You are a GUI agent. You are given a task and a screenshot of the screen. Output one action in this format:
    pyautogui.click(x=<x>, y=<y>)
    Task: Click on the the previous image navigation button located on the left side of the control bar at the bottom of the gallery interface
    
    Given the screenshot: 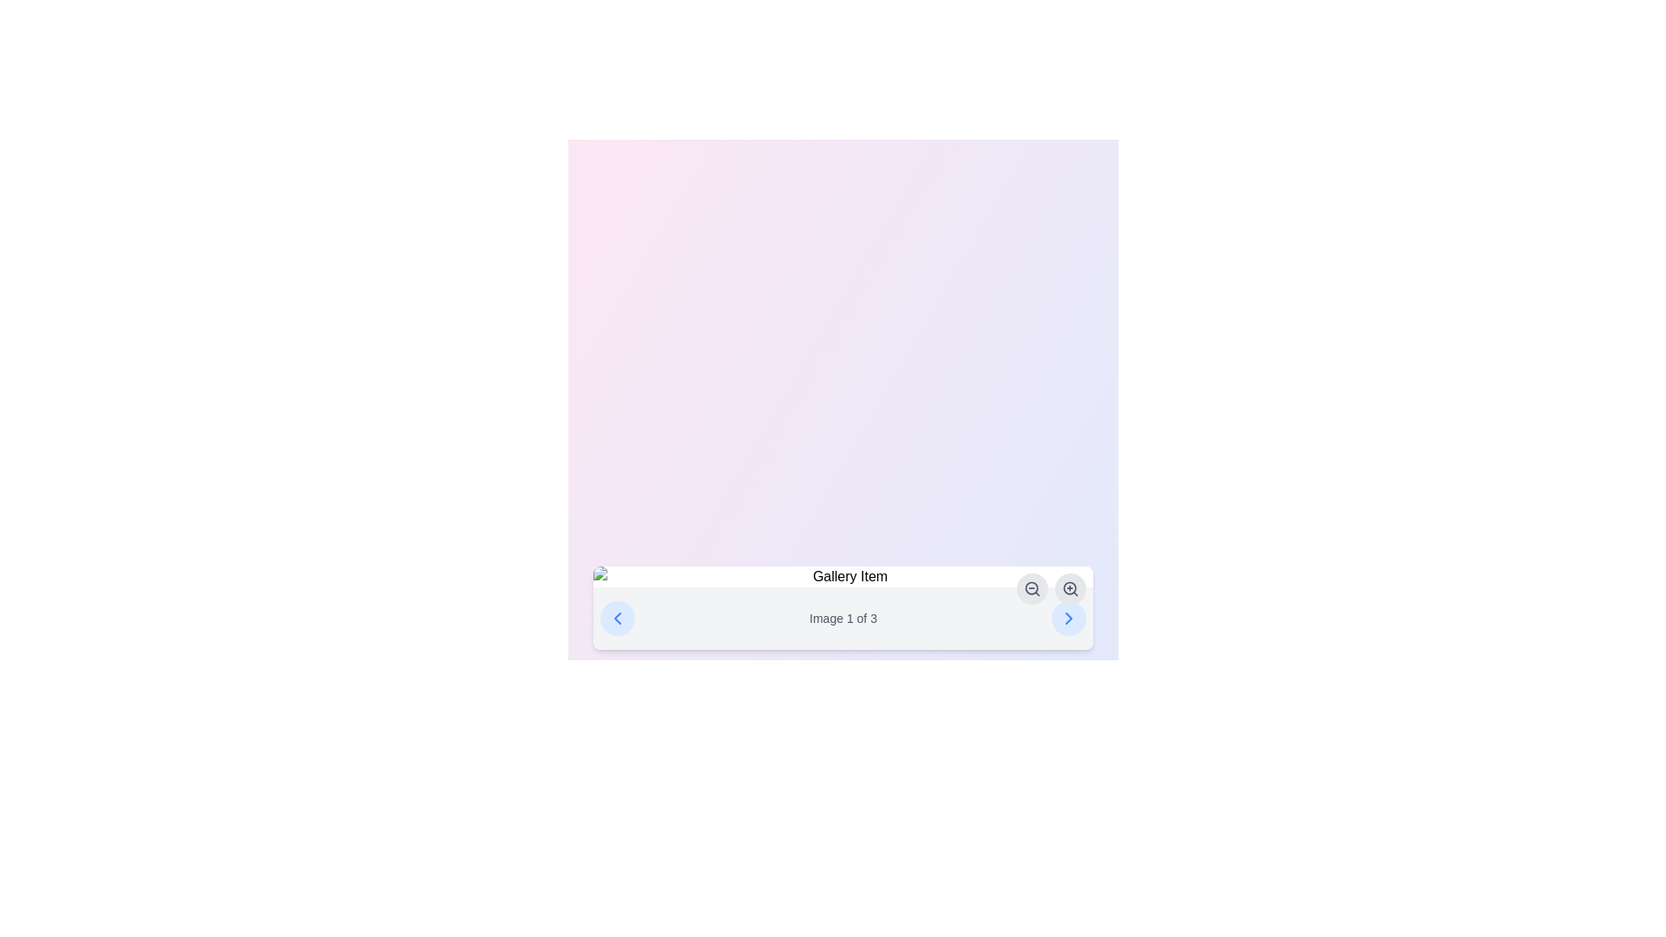 What is the action you would take?
    pyautogui.click(x=617, y=618)
    